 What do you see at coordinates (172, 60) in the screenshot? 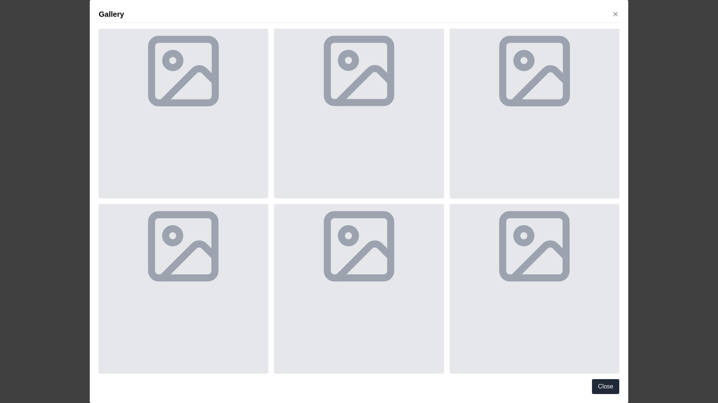
I see `the Decorative Circle located in the top-left corner of the first square icon in the gallery grid layout` at bounding box center [172, 60].